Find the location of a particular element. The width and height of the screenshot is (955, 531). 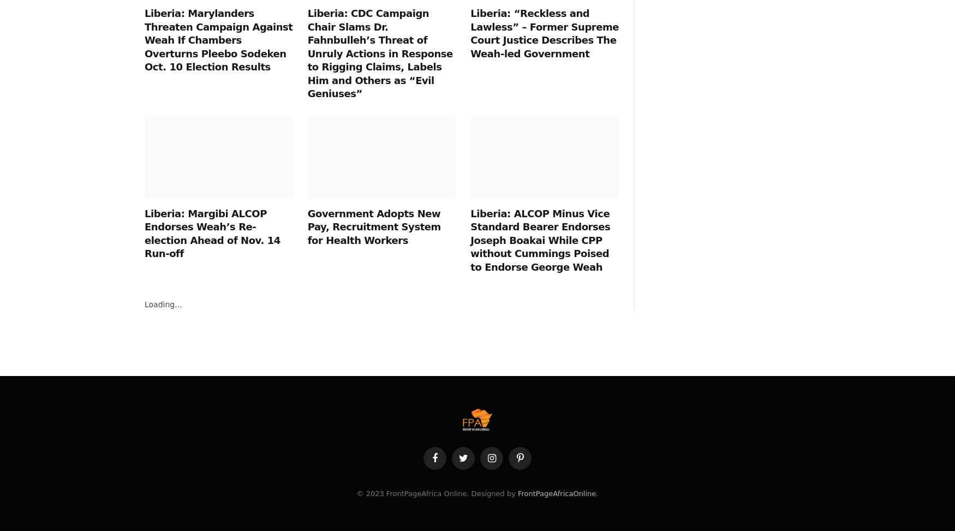

'.' is located at coordinates (596, 493).